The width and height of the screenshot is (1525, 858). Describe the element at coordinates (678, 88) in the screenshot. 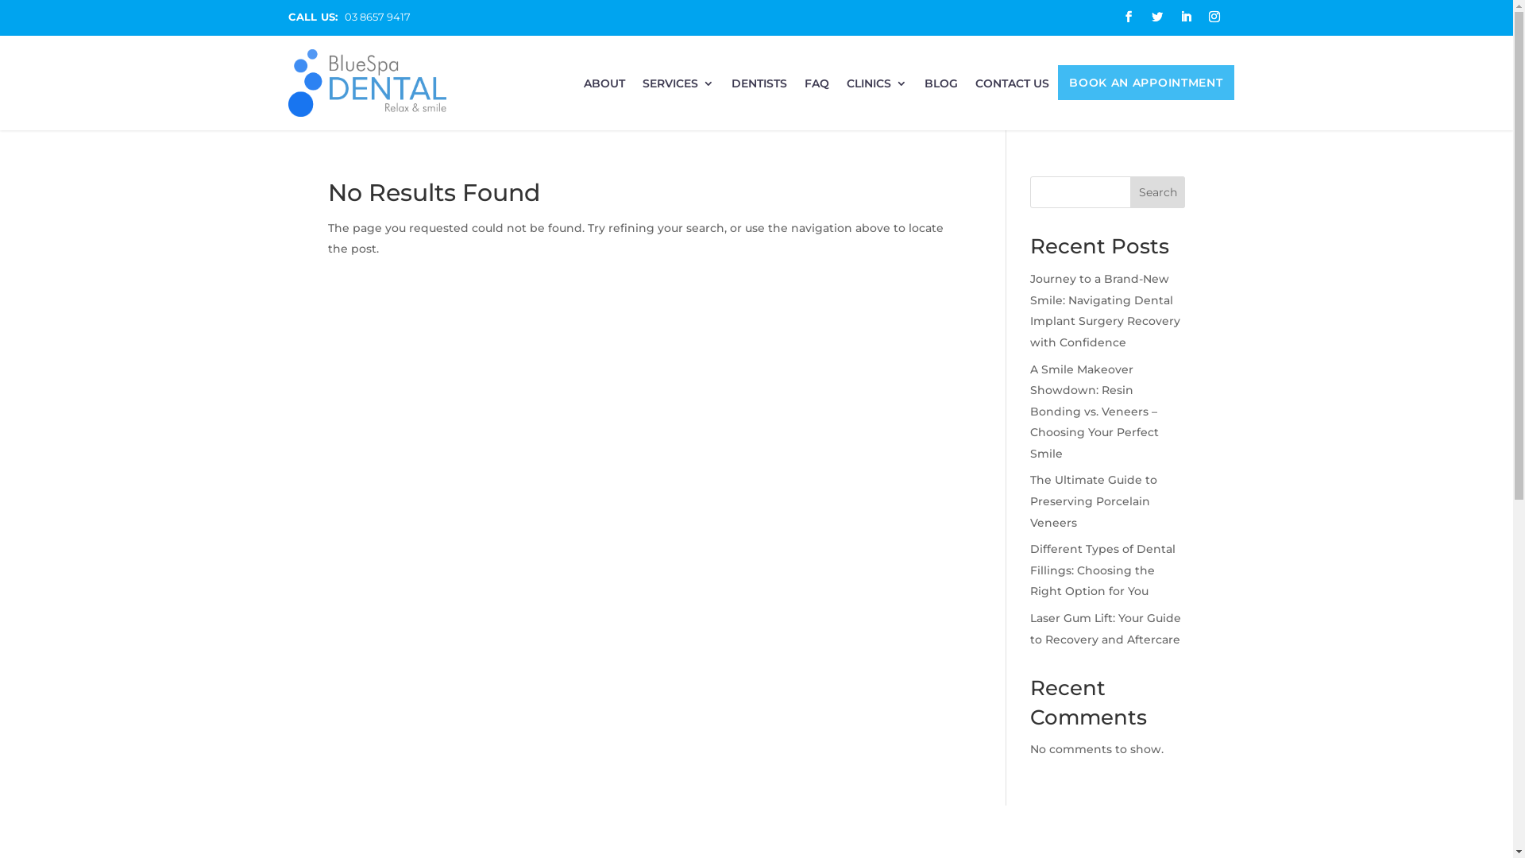

I see `'SERVICES'` at that location.